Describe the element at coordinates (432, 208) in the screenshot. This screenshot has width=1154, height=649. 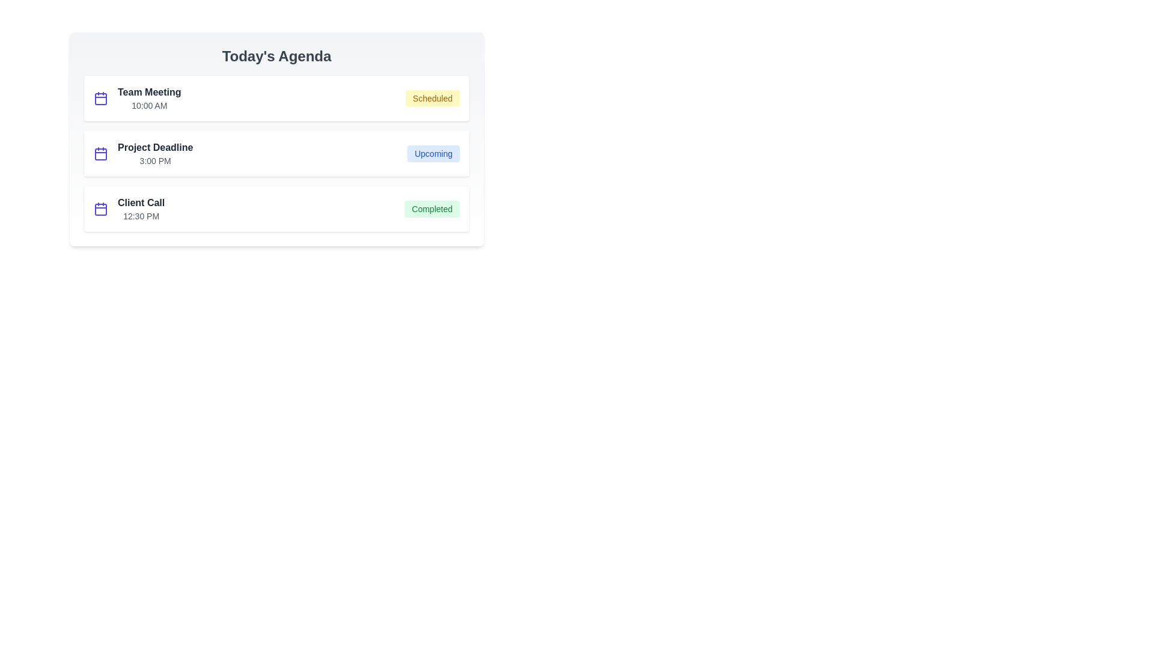
I see `the status tag Completed to filter events by the selected status` at that location.